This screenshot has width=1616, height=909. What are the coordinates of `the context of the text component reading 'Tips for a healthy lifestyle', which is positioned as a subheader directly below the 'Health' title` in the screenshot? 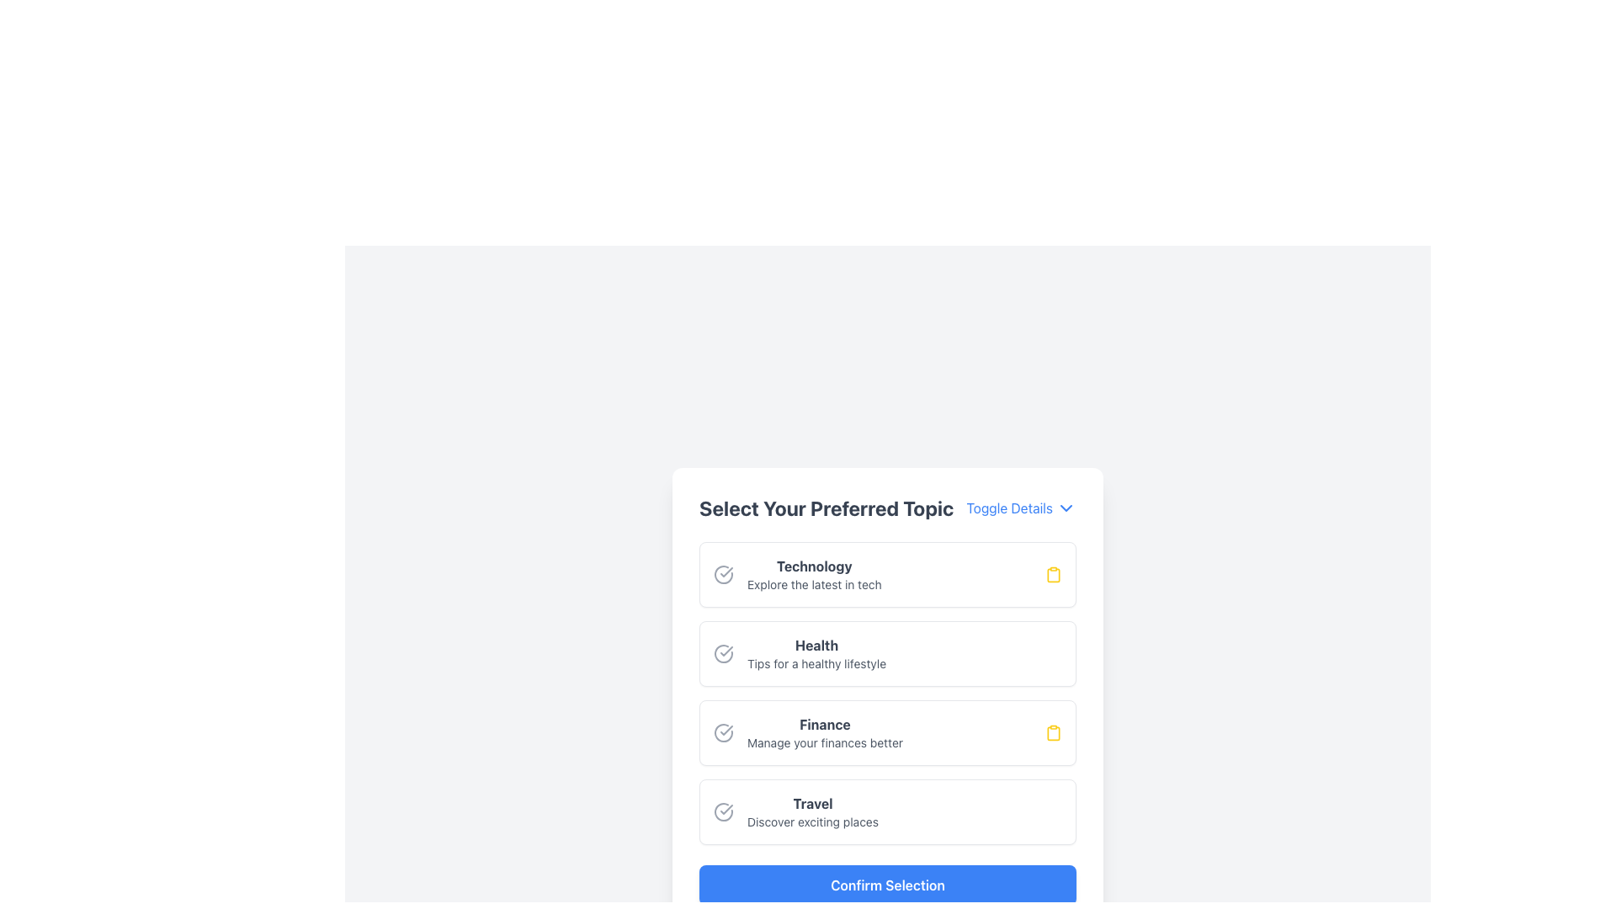 It's located at (816, 663).